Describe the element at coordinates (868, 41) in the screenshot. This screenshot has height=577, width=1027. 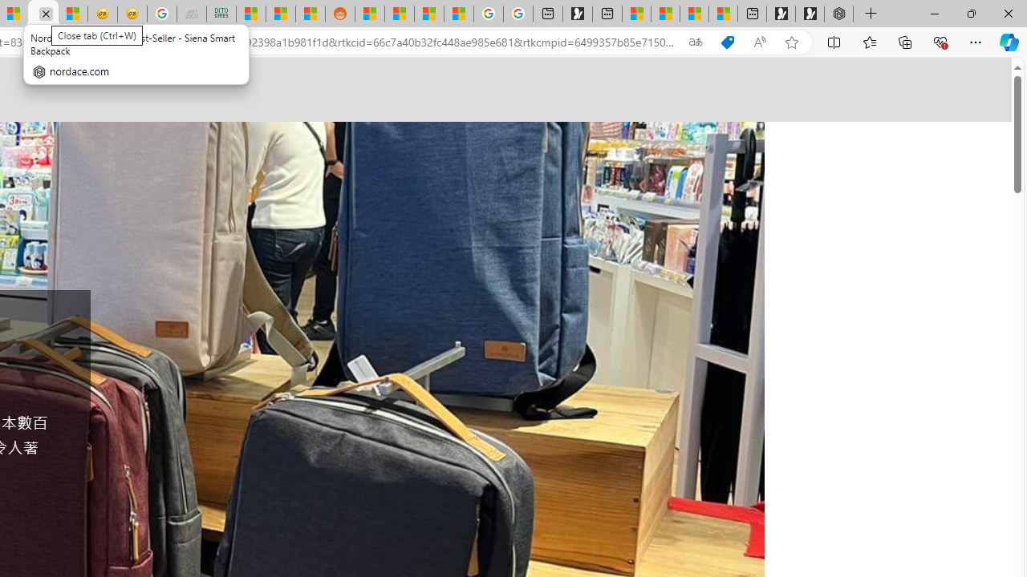
I see `'Favorites'` at that location.